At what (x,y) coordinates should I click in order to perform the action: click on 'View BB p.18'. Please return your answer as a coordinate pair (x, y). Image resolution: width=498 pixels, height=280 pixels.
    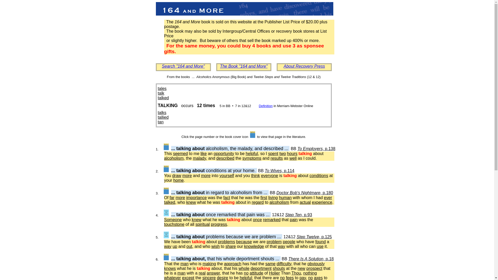
    Looking at the image, I should click on (163, 257).